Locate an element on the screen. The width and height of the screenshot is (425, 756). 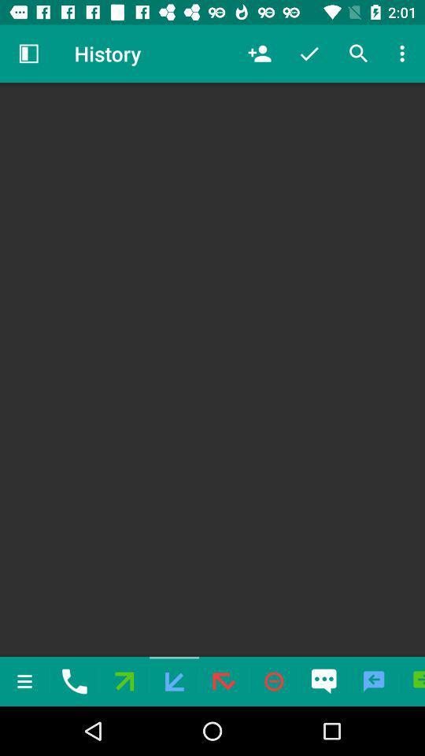
the icon to the left of history item is located at coordinates (28, 54).